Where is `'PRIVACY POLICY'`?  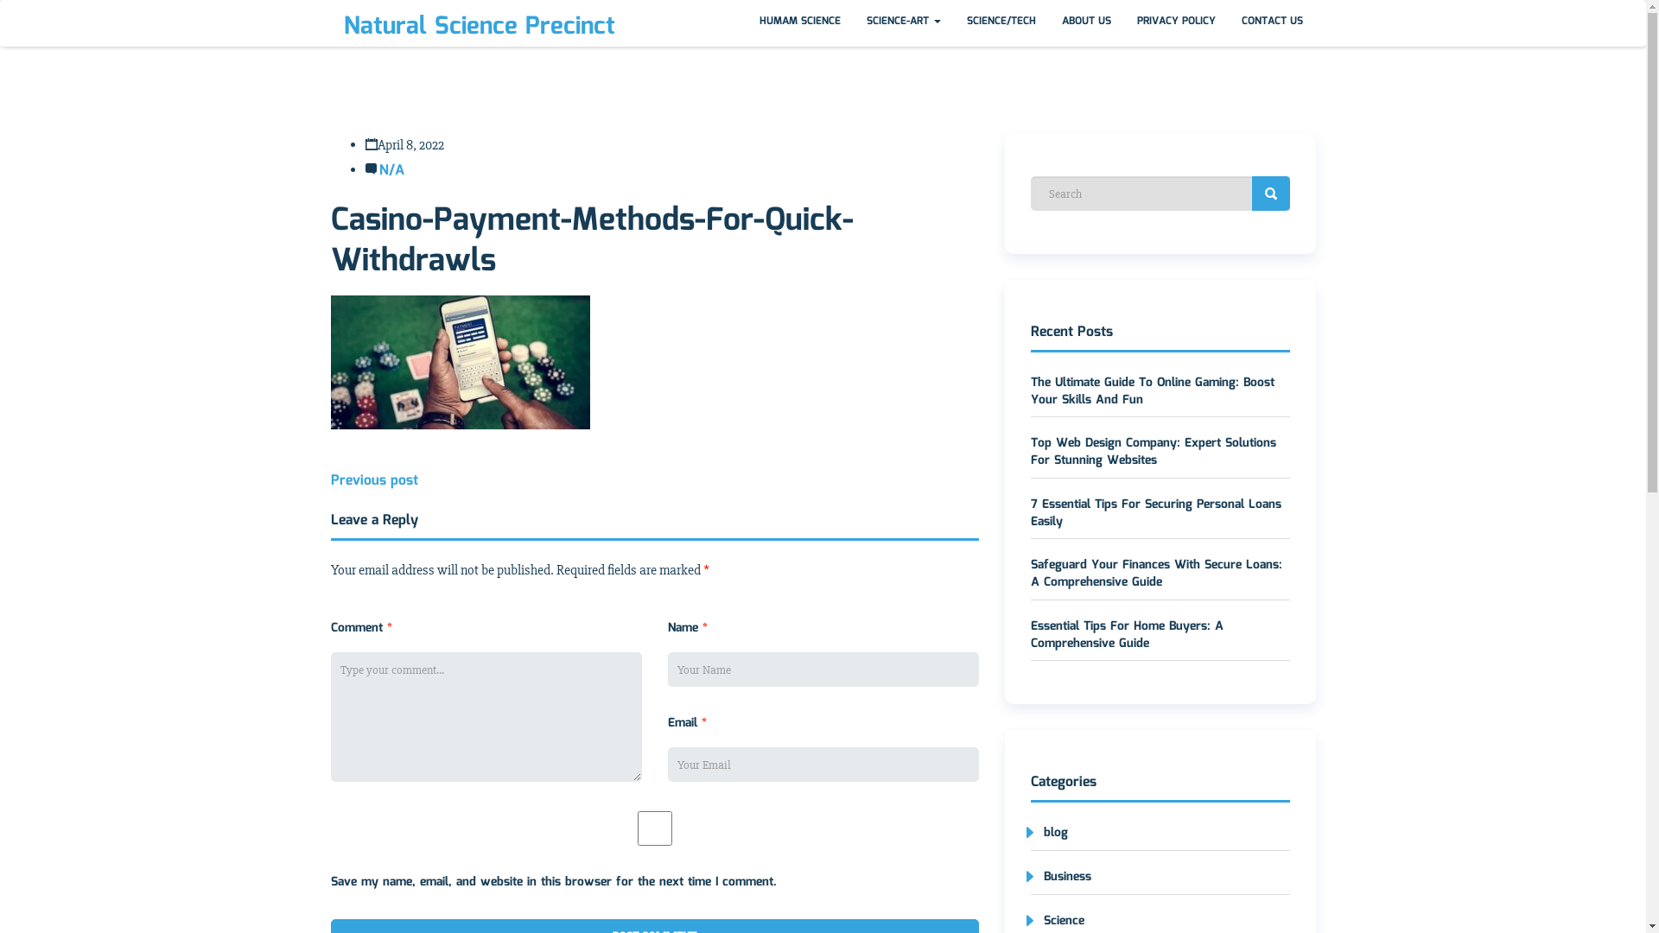
'PRIVACY POLICY' is located at coordinates (1175, 23).